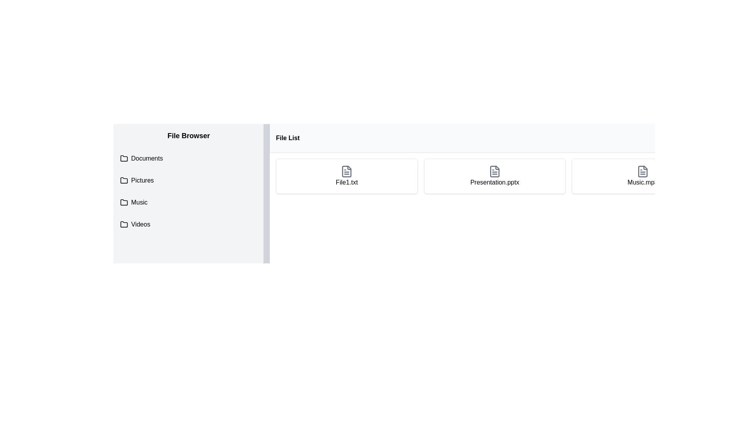  What do you see at coordinates (141, 224) in the screenshot?
I see `the folder icon beside the 'Videos' text label in the File Browser section` at bounding box center [141, 224].